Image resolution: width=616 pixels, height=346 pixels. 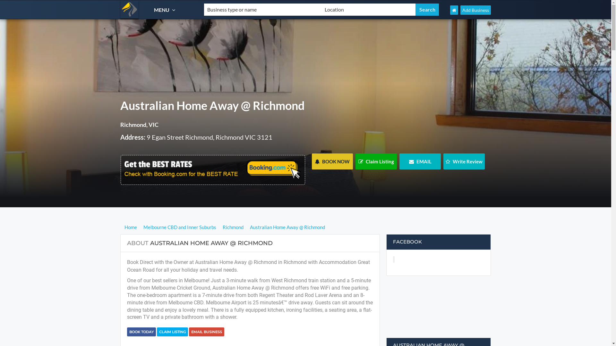 What do you see at coordinates (180, 227) in the screenshot?
I see `'Melbourne CBD and Inner Suburbs'` at bounding box center [180, 227].